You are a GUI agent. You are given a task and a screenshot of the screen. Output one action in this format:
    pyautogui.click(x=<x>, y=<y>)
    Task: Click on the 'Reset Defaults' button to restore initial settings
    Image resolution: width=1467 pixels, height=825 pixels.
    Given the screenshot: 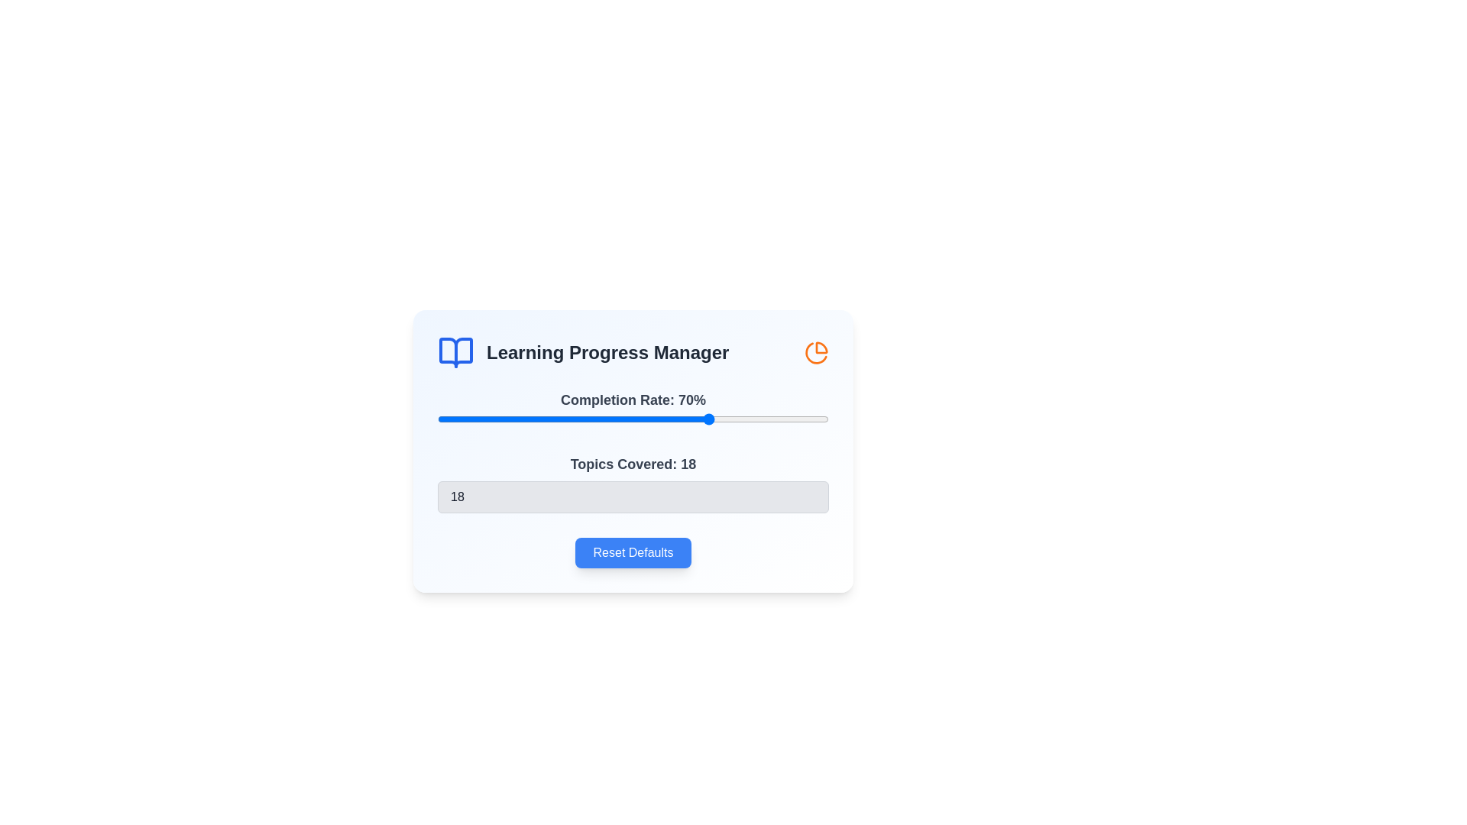 What is the action you would take?
    pyautogui.click(x=633, y=553)
    